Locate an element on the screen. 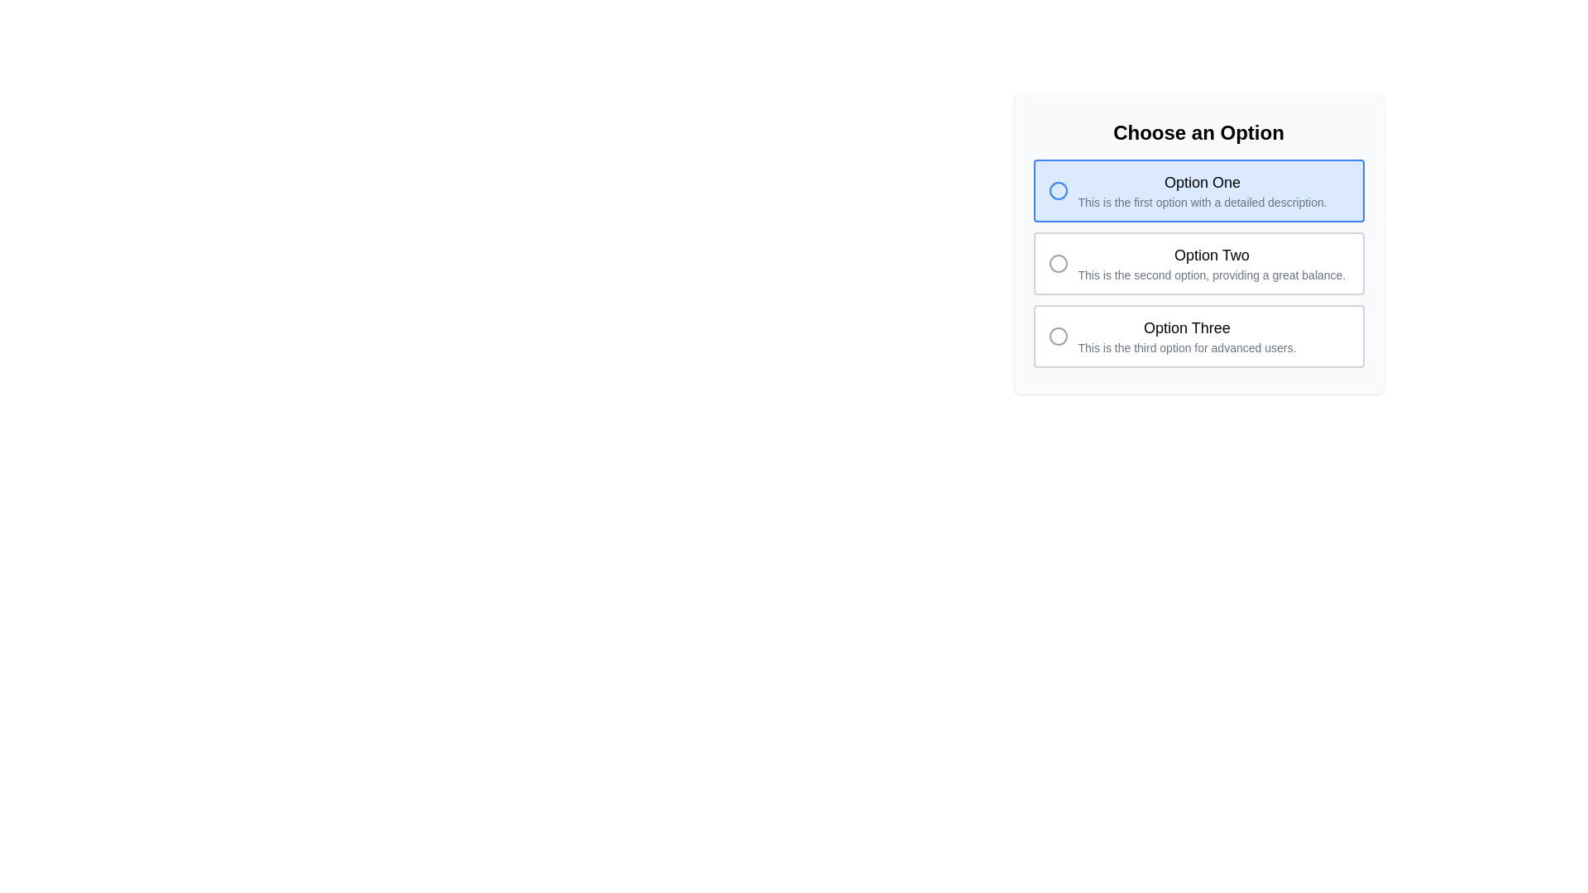 The height and width of the screenshot is (893, 1588). the unselected radio button next to 'Option Three' is located at coordinates (1057, 336).